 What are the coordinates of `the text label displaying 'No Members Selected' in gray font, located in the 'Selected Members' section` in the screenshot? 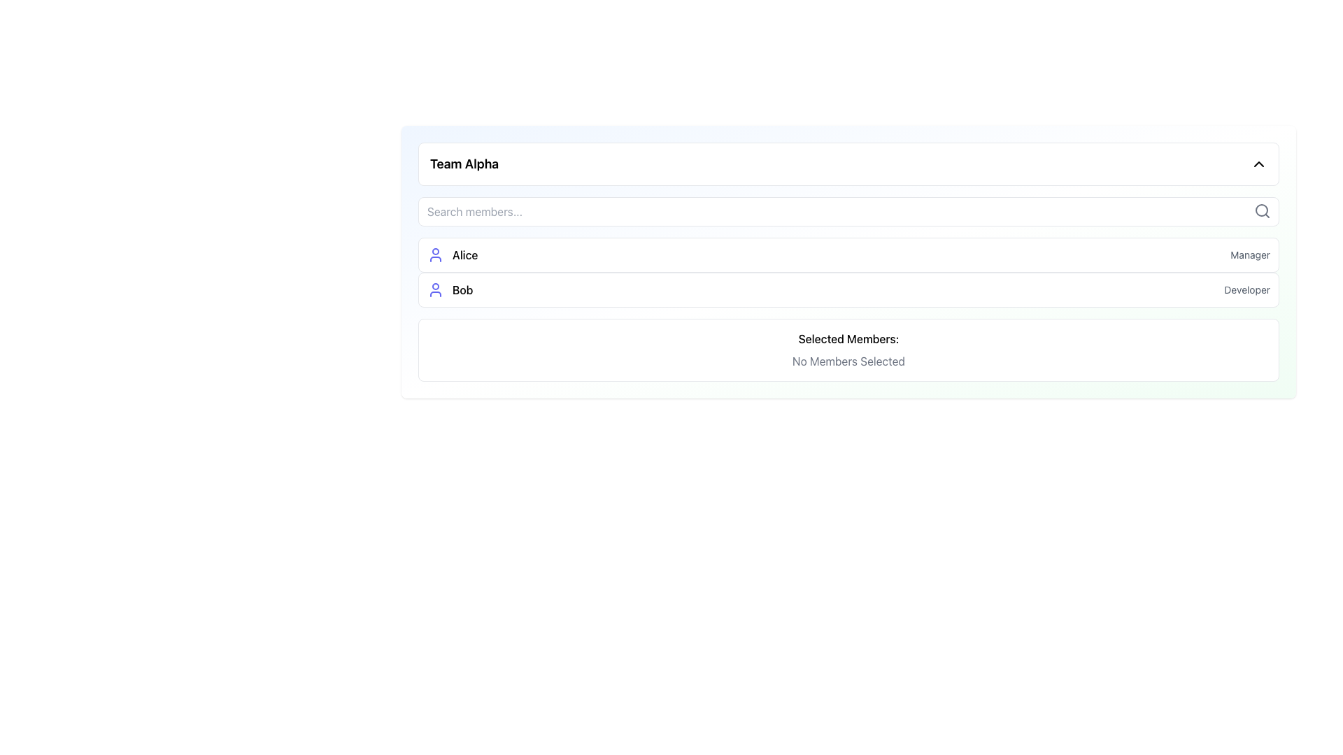 It's located at (848, 360).